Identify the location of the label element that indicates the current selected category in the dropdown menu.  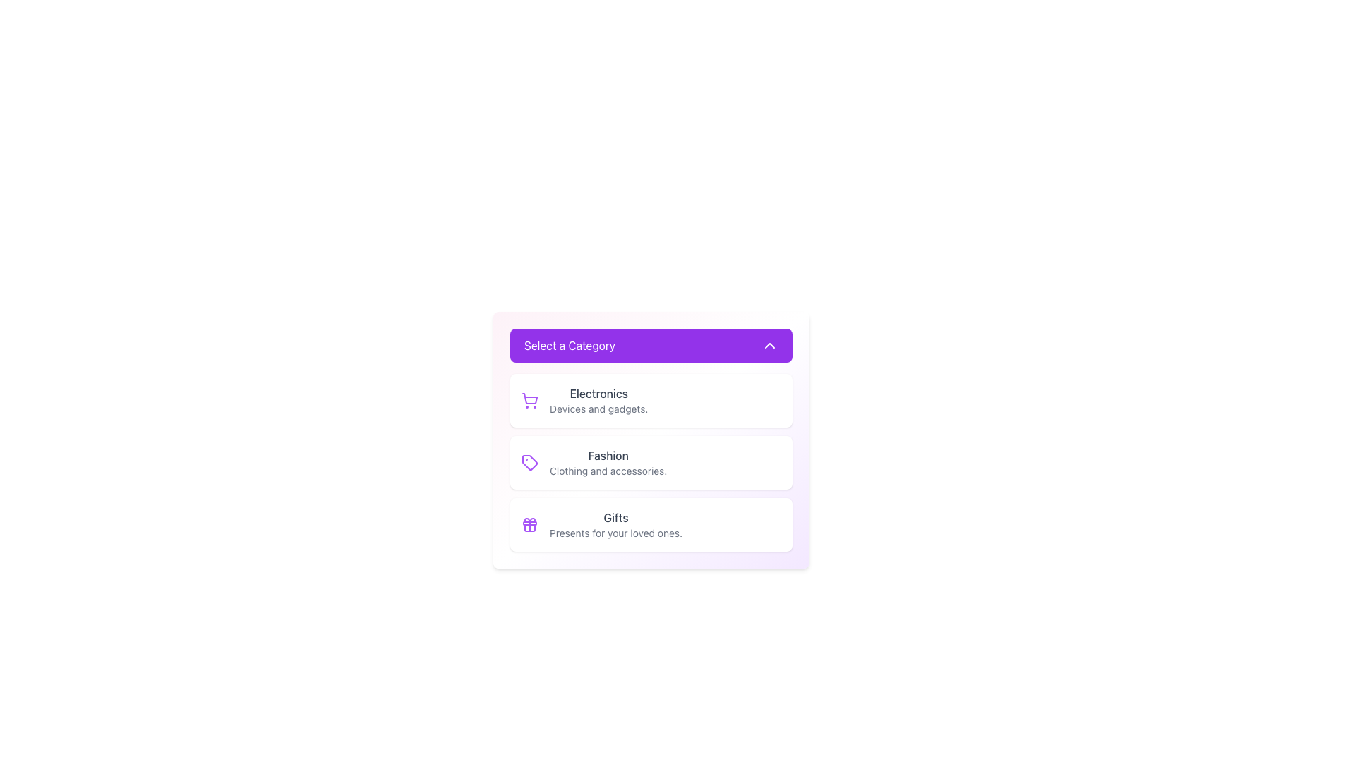
(570, 345).